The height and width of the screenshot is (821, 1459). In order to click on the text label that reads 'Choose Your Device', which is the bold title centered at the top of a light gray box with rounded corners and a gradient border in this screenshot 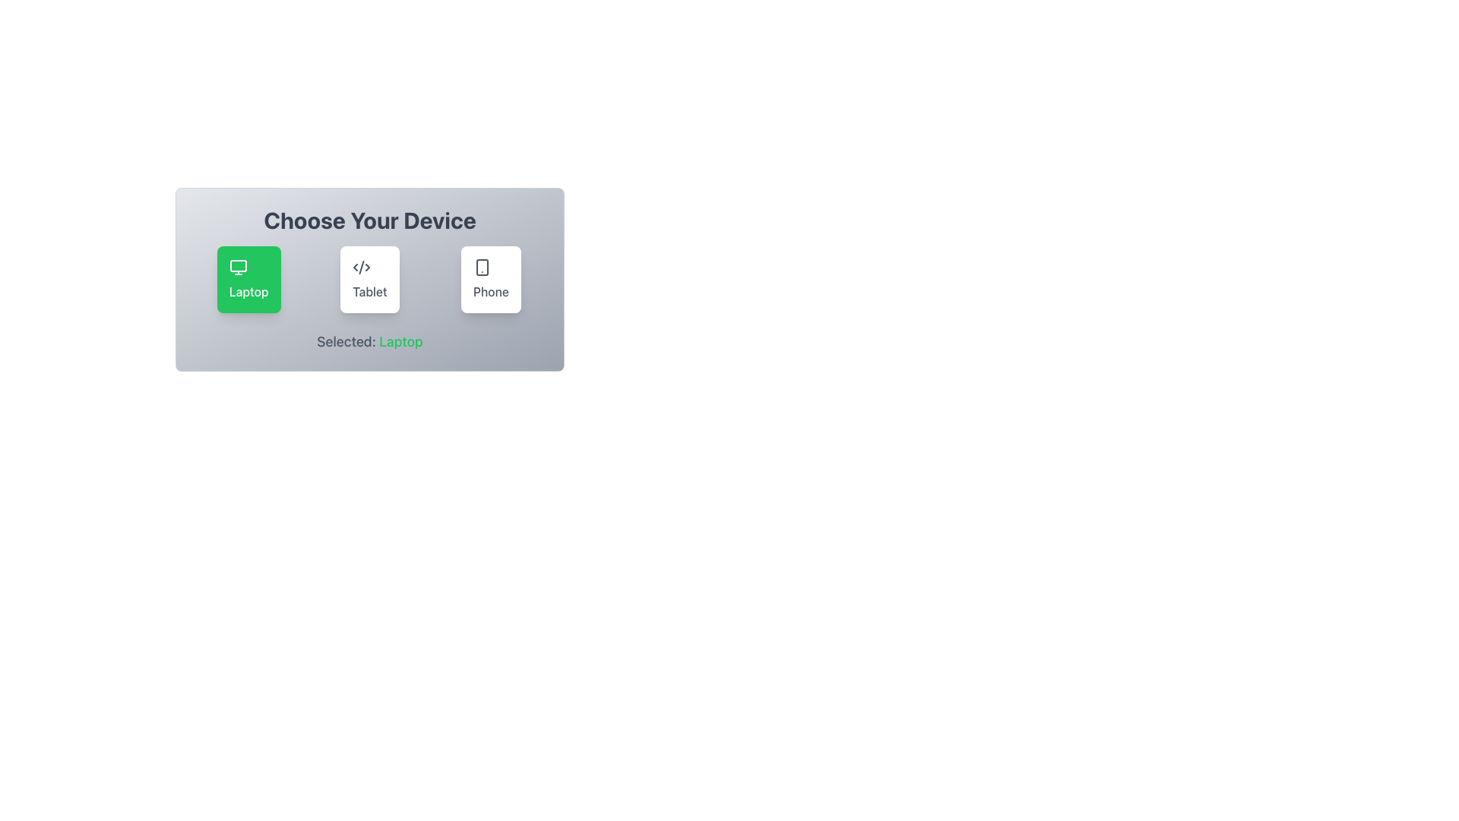, I will do `click(369, 220)`.